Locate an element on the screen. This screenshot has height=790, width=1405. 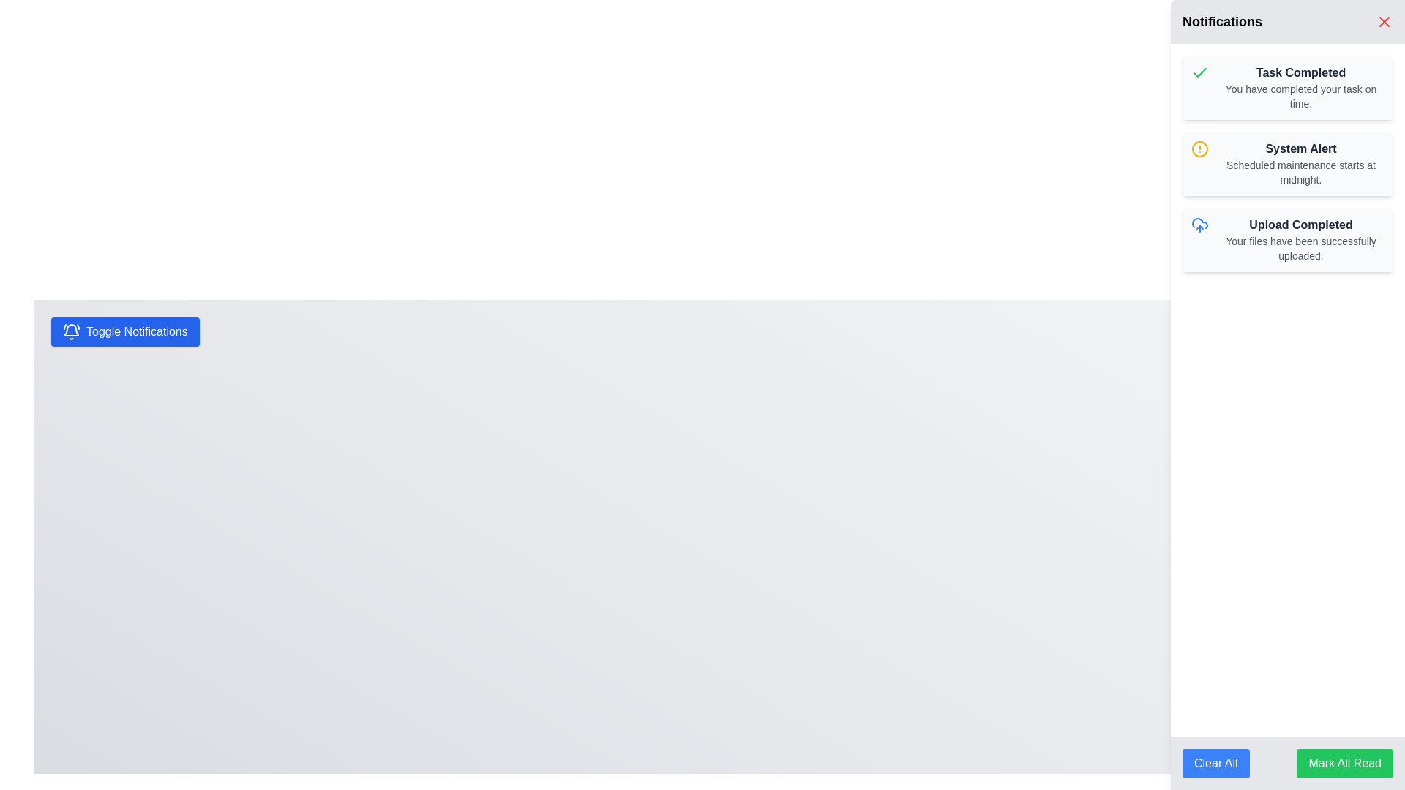
bold text 'Upload Completed' displayed prominently in a dark gray notification card located at the top of the content area of a vertical notification list is located at coordinates (1300, 225).